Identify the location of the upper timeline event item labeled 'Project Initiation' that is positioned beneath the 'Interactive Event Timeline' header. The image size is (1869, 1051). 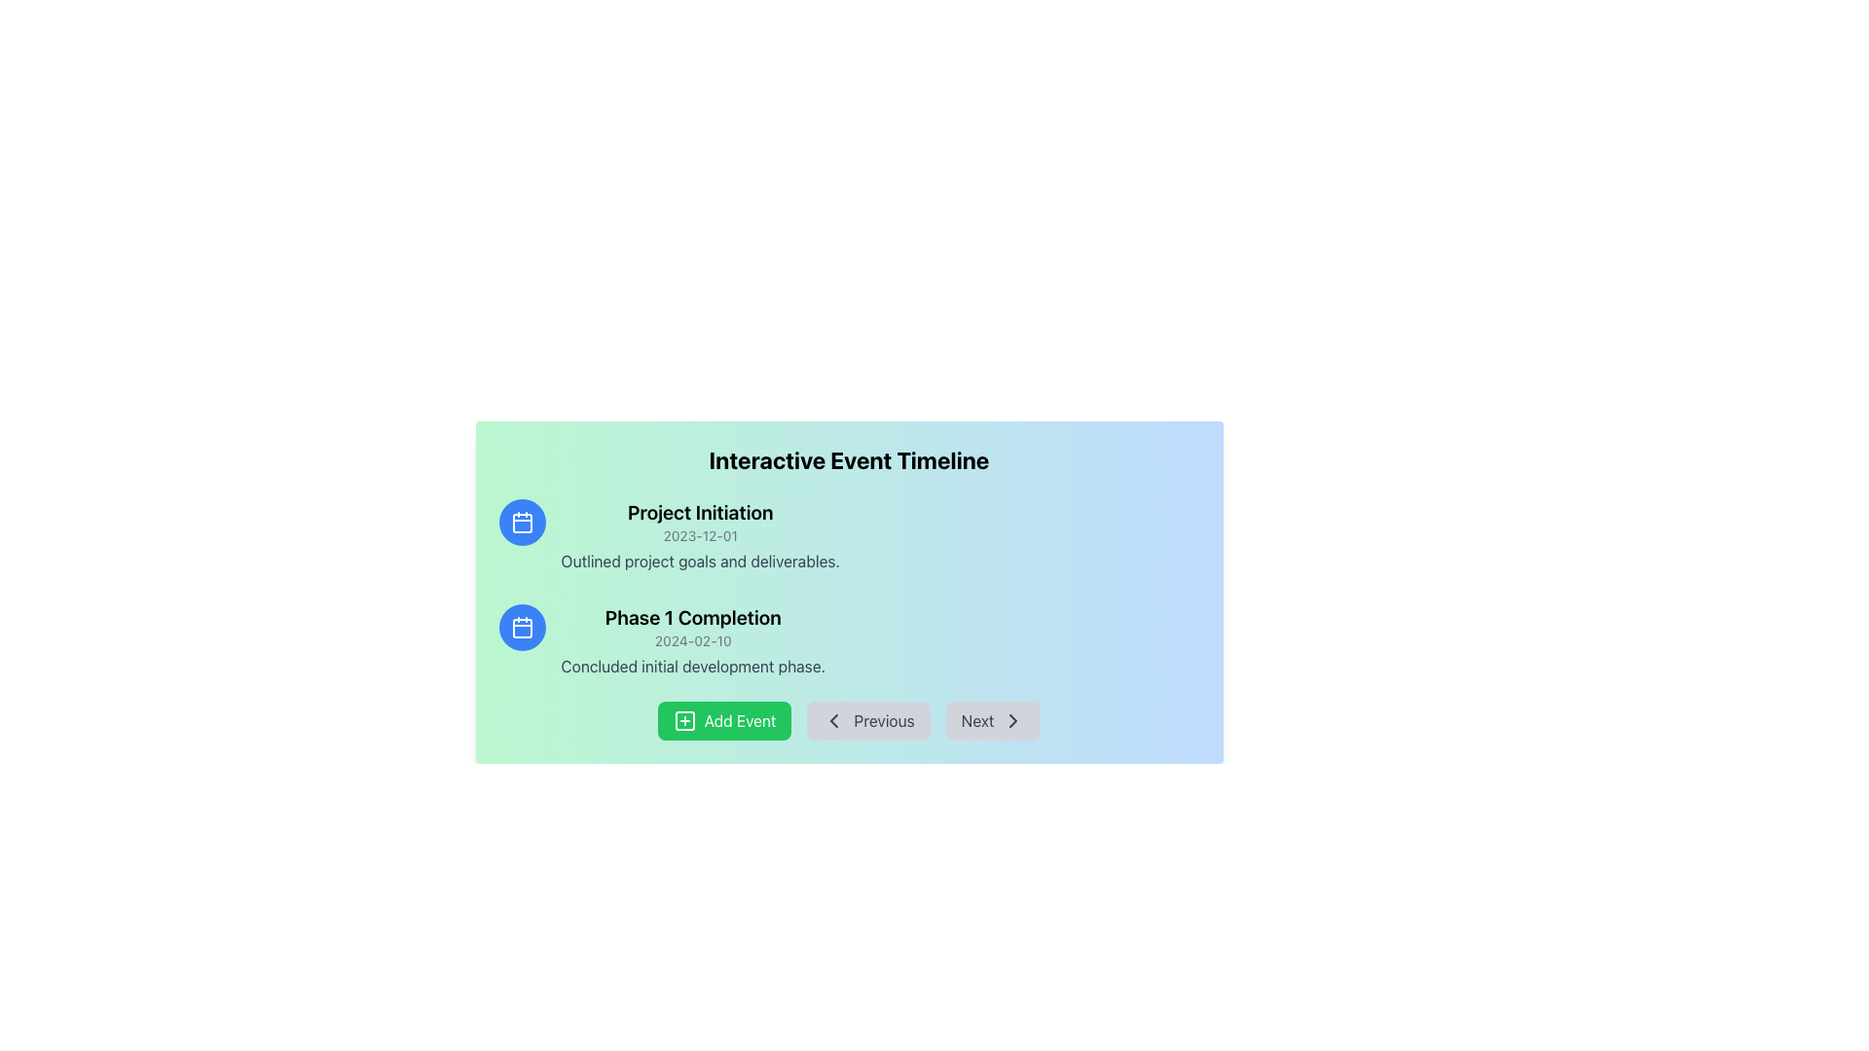
(700, 536).